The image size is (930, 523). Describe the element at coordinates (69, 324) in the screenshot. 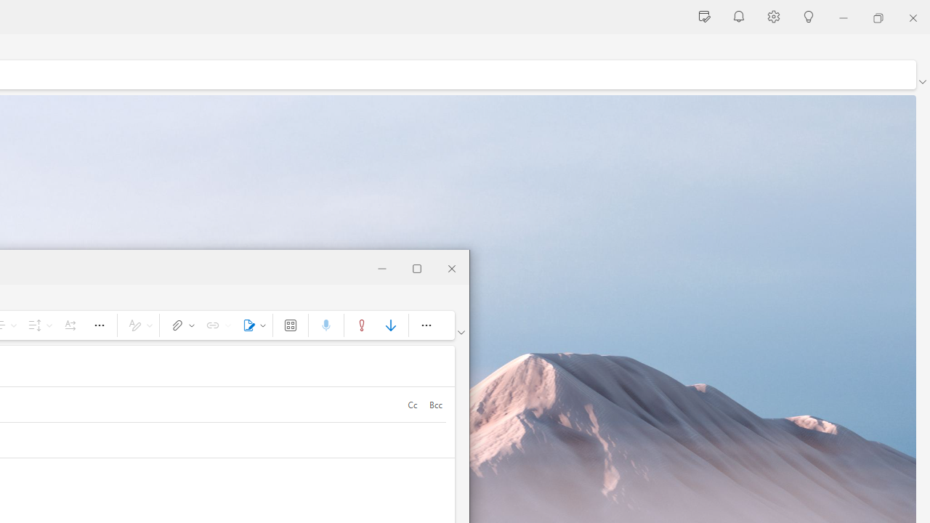

I see `'Left-to-right'` at that location.